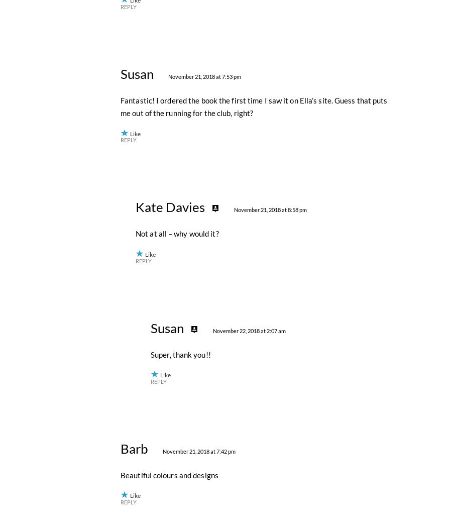  Describe the element at coordinates (136, 293) in the screenshot. I see `'Susan'` at that location.